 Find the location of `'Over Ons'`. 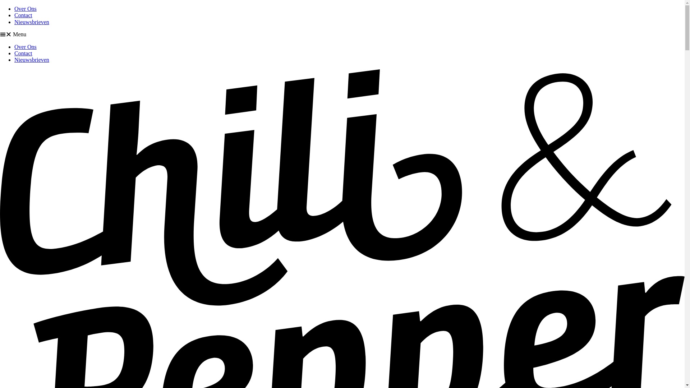

'Over Ons' is located at coordinates (14, 9).